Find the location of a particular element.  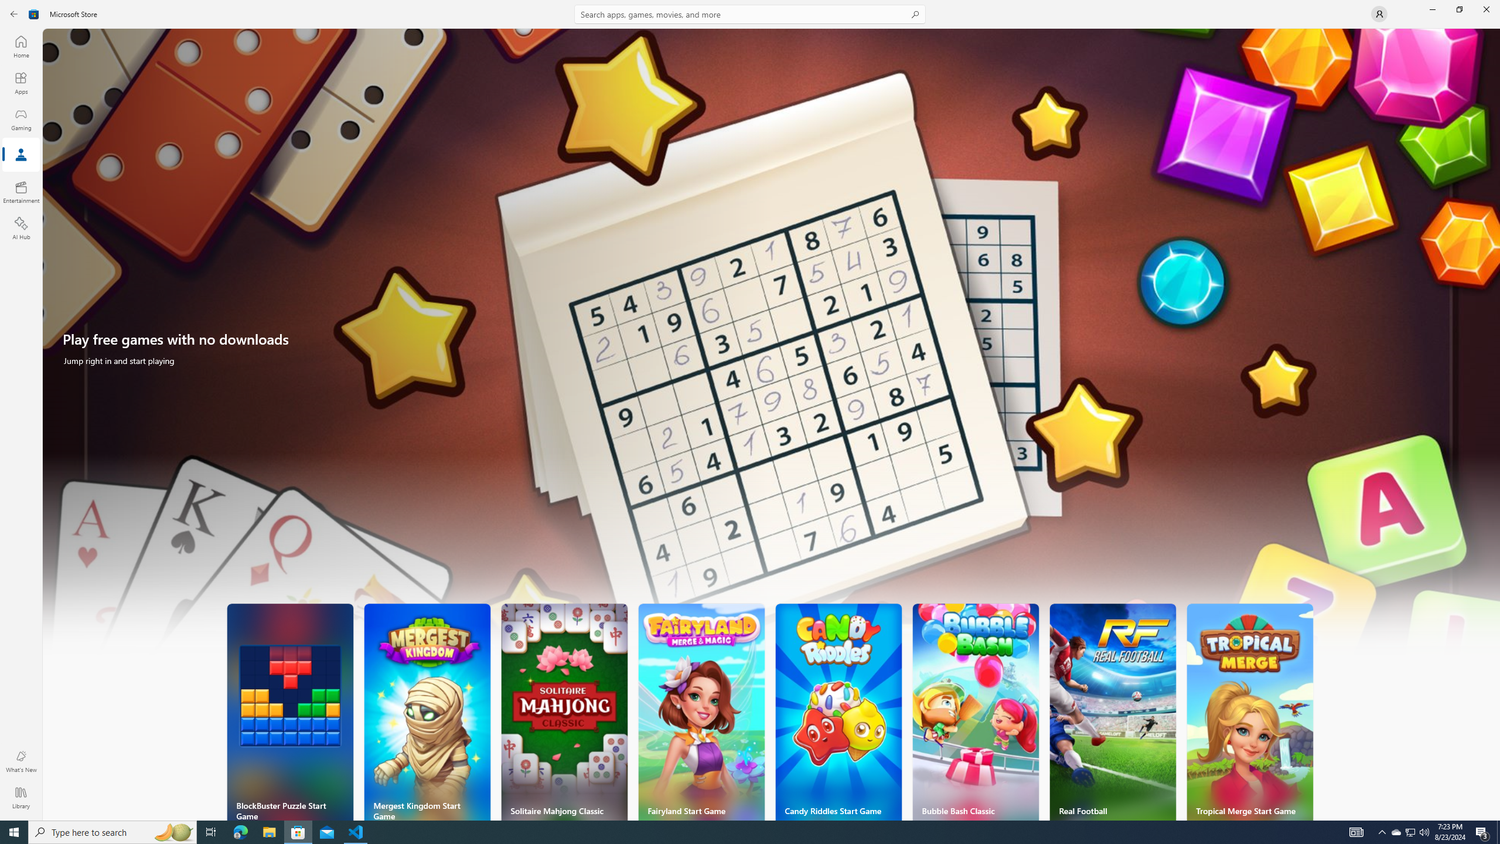

'Apps' is located at coordinates (20, 83).